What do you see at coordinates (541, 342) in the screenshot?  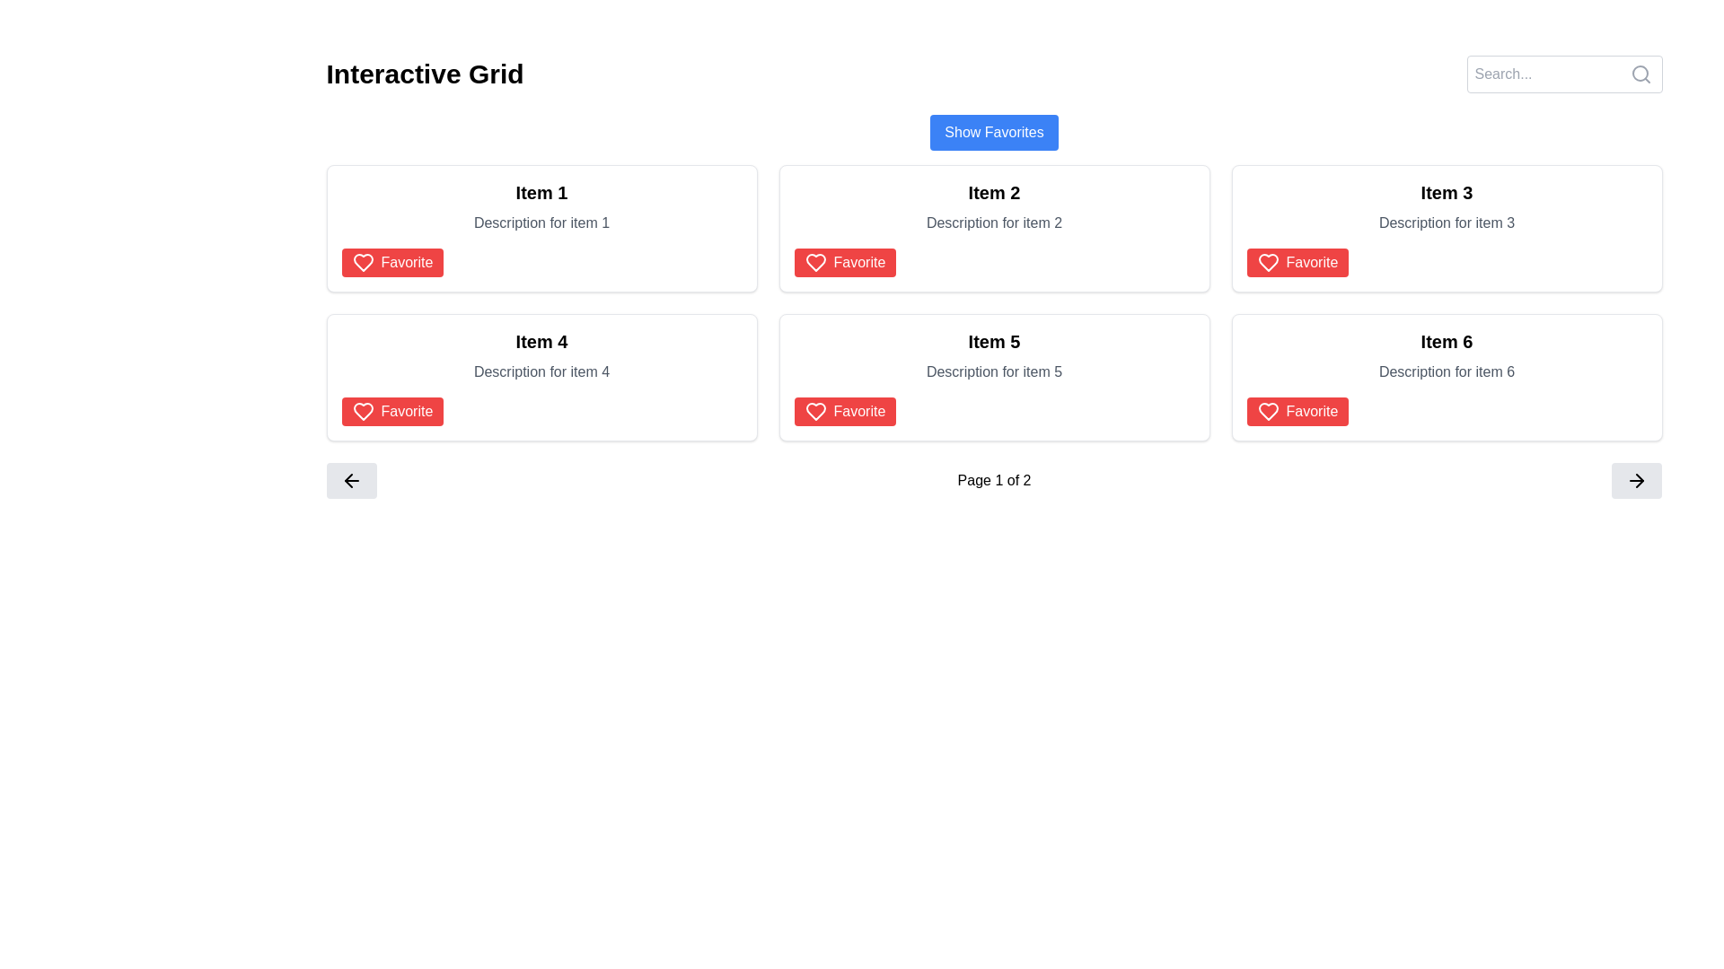 I see `the 'Item 4' text heading, which is bold and large-sized, located in the second row and first column of the grid card layout` at bounding box center [541, 342].